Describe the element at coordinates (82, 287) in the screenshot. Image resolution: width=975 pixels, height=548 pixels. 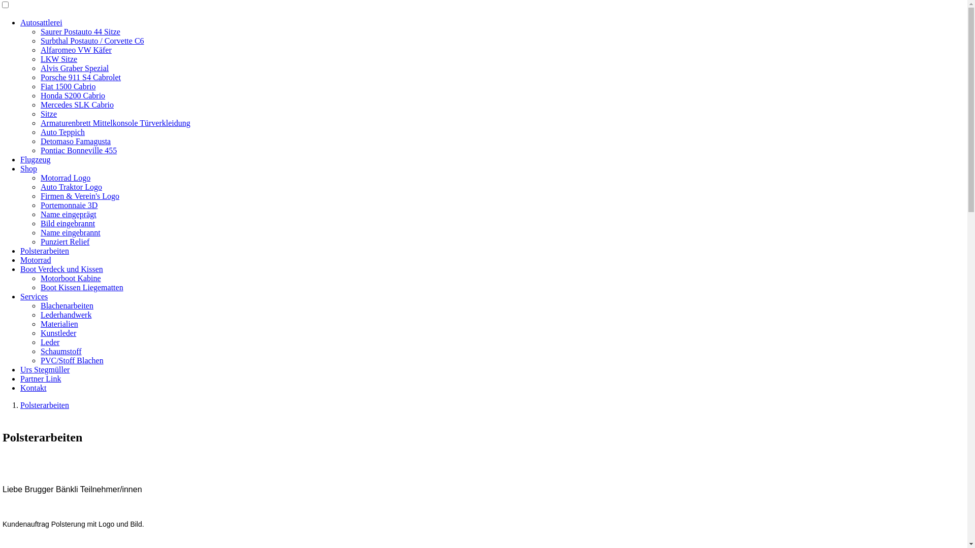
I see `'Boot Kissen Liegematten'` at that location.